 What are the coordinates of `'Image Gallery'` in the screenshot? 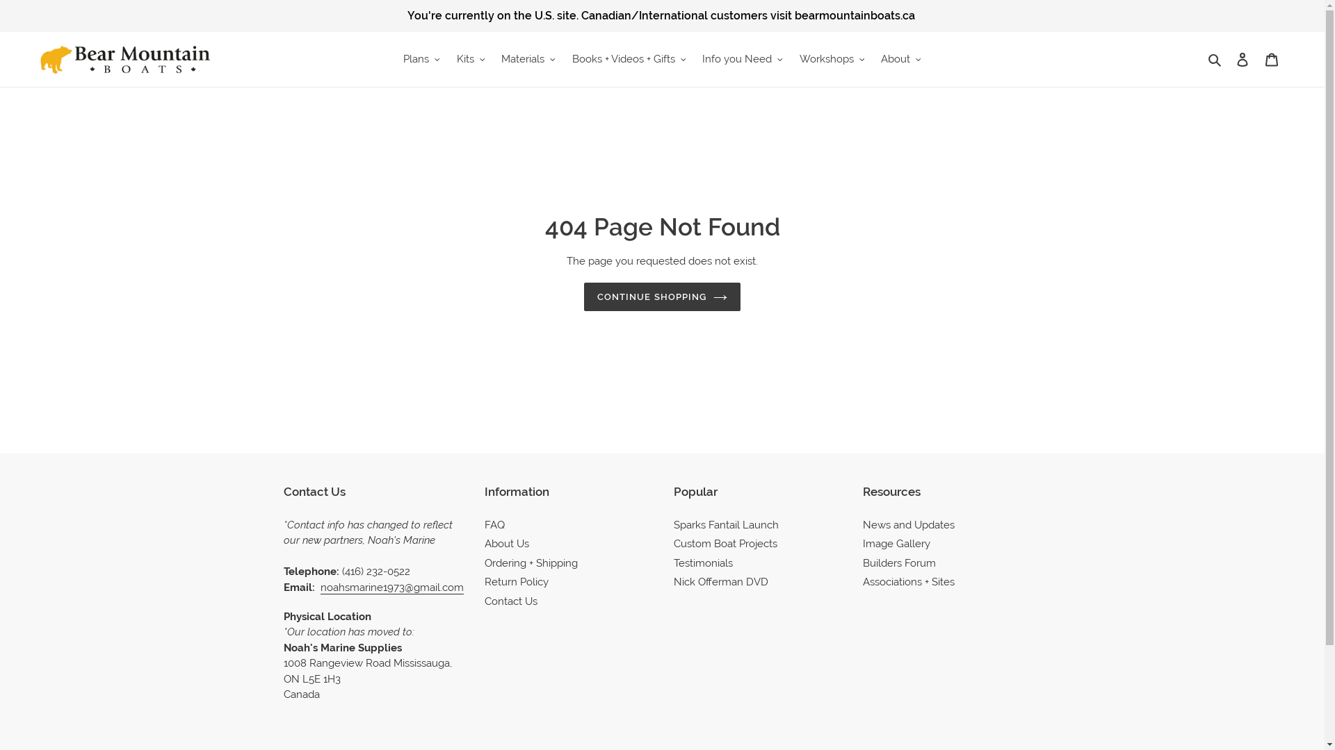 It's located at (896, 543).